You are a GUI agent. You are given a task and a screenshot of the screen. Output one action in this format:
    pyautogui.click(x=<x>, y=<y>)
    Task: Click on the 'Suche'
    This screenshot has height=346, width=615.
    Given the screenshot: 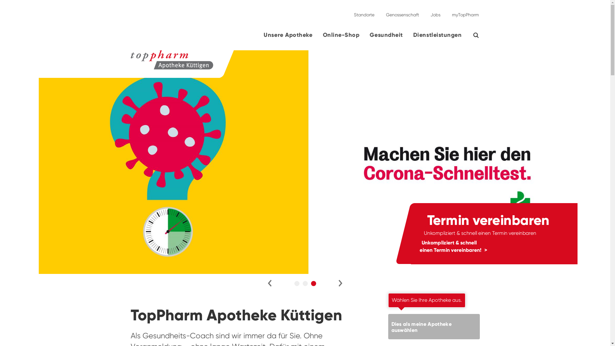 What is the action you would take?
    pyautogui.click(x=480, y=35)
    